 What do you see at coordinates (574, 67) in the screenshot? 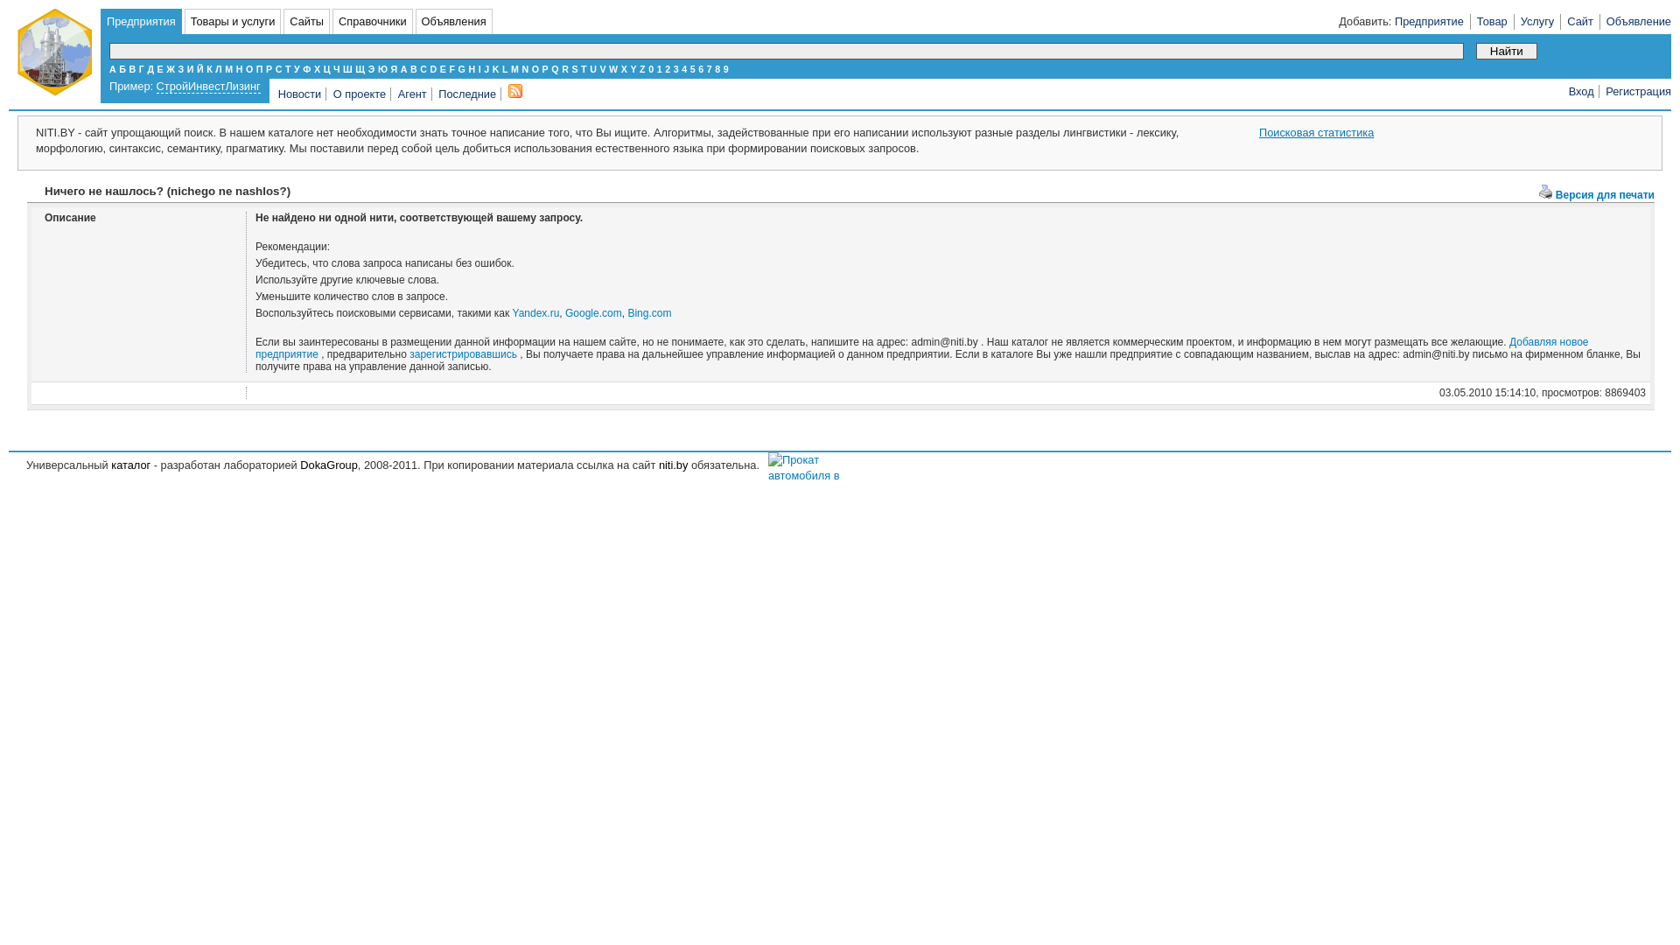
I see `'S'` at bounding box center [574, 67].